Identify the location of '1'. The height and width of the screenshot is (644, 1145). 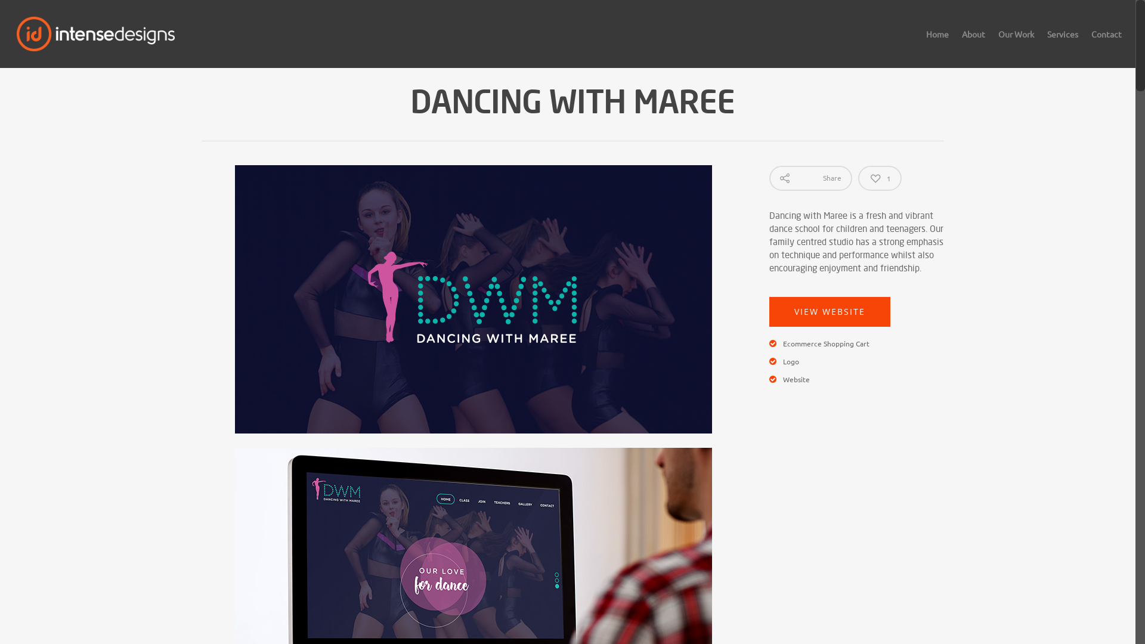
(880, 178).